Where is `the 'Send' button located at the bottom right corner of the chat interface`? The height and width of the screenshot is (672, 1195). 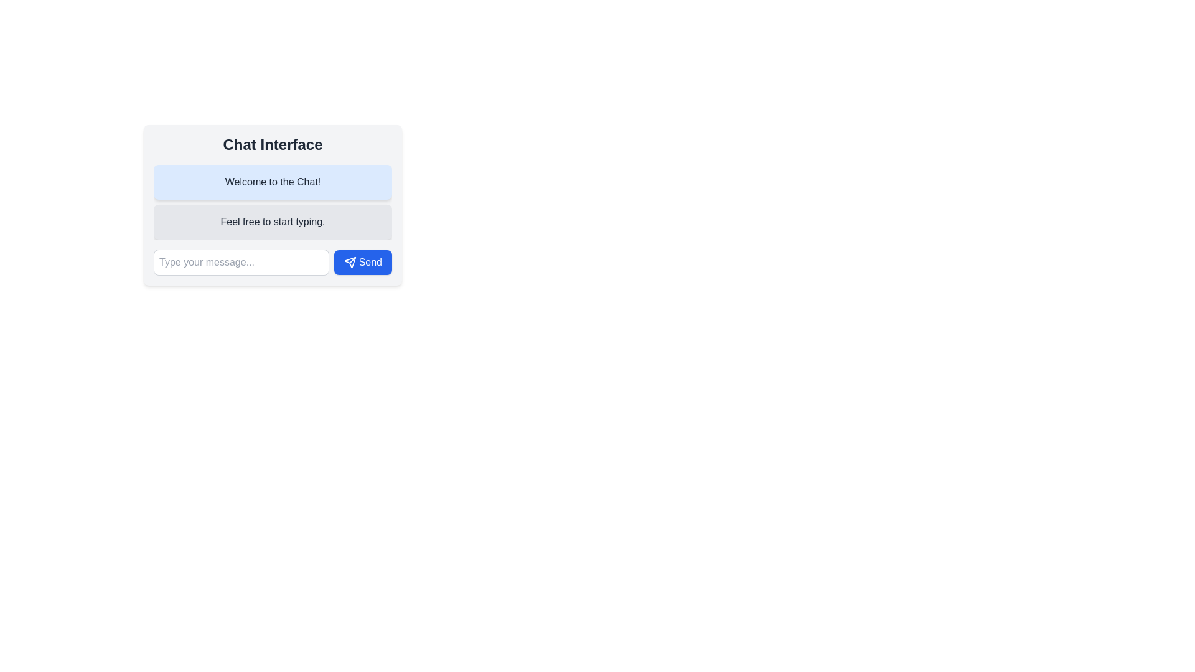 the 'Send' button located at the bottom right corner of the chat interface is located at coordinates (362, 261).